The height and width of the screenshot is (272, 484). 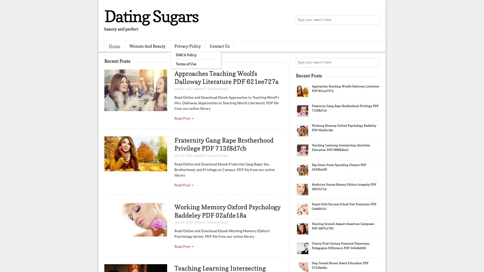 I want to click on Search, so click(x=374, y=20).